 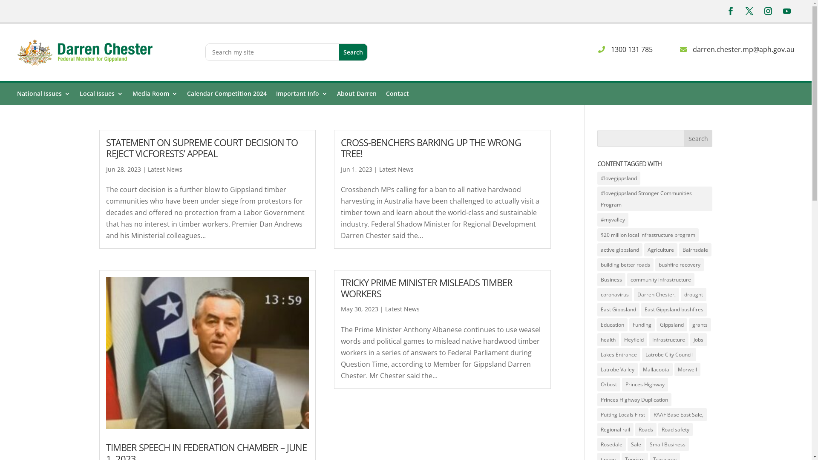 I want to click on 'Small Business', so click(x=667, y=444).